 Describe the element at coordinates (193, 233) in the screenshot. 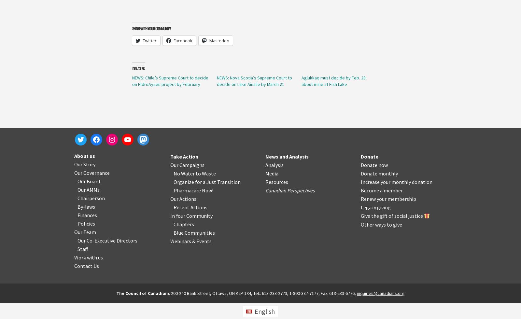

I see `'Blue Communities'` at that location.